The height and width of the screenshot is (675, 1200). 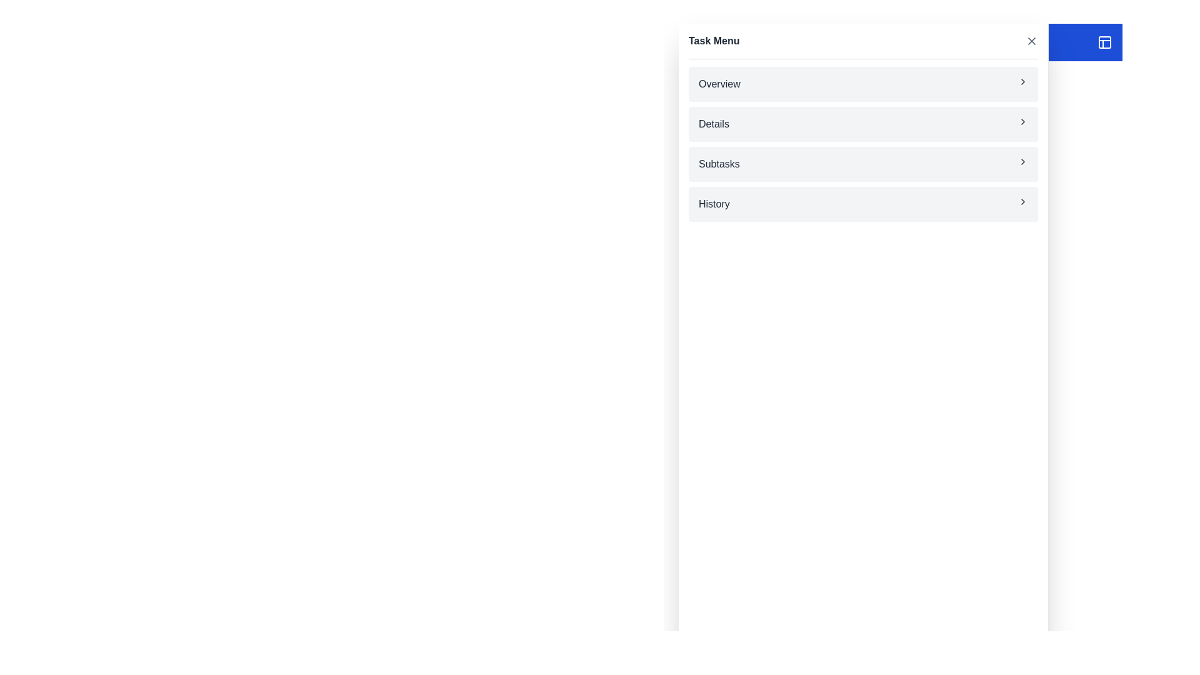 I want to click on the 'Overview' text label located at the top of the menu panel, so click(x=719, y=84).